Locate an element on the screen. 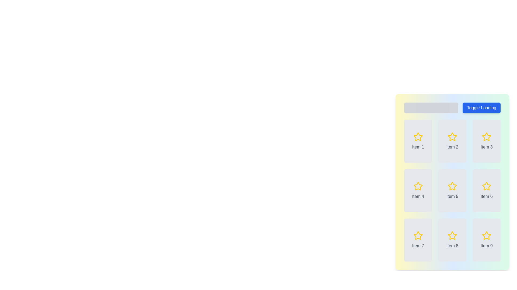  the sixth star in the 3x3 grid is located at coordinates (487, 186).